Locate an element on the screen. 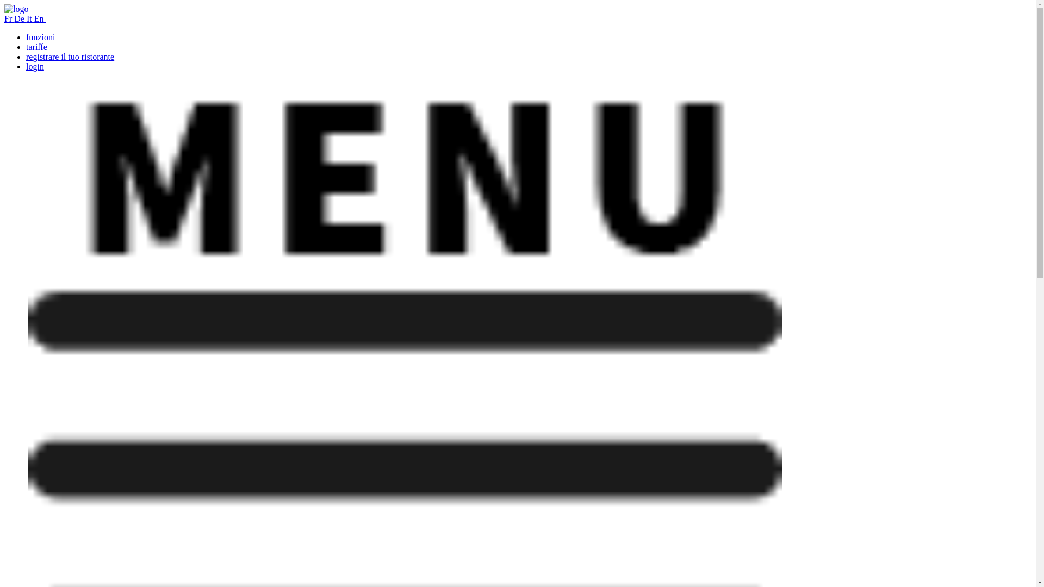 Image resolution: width=1044 pixels, height=587 pixels. 'tariffe' is located at coordinates (36, 46).